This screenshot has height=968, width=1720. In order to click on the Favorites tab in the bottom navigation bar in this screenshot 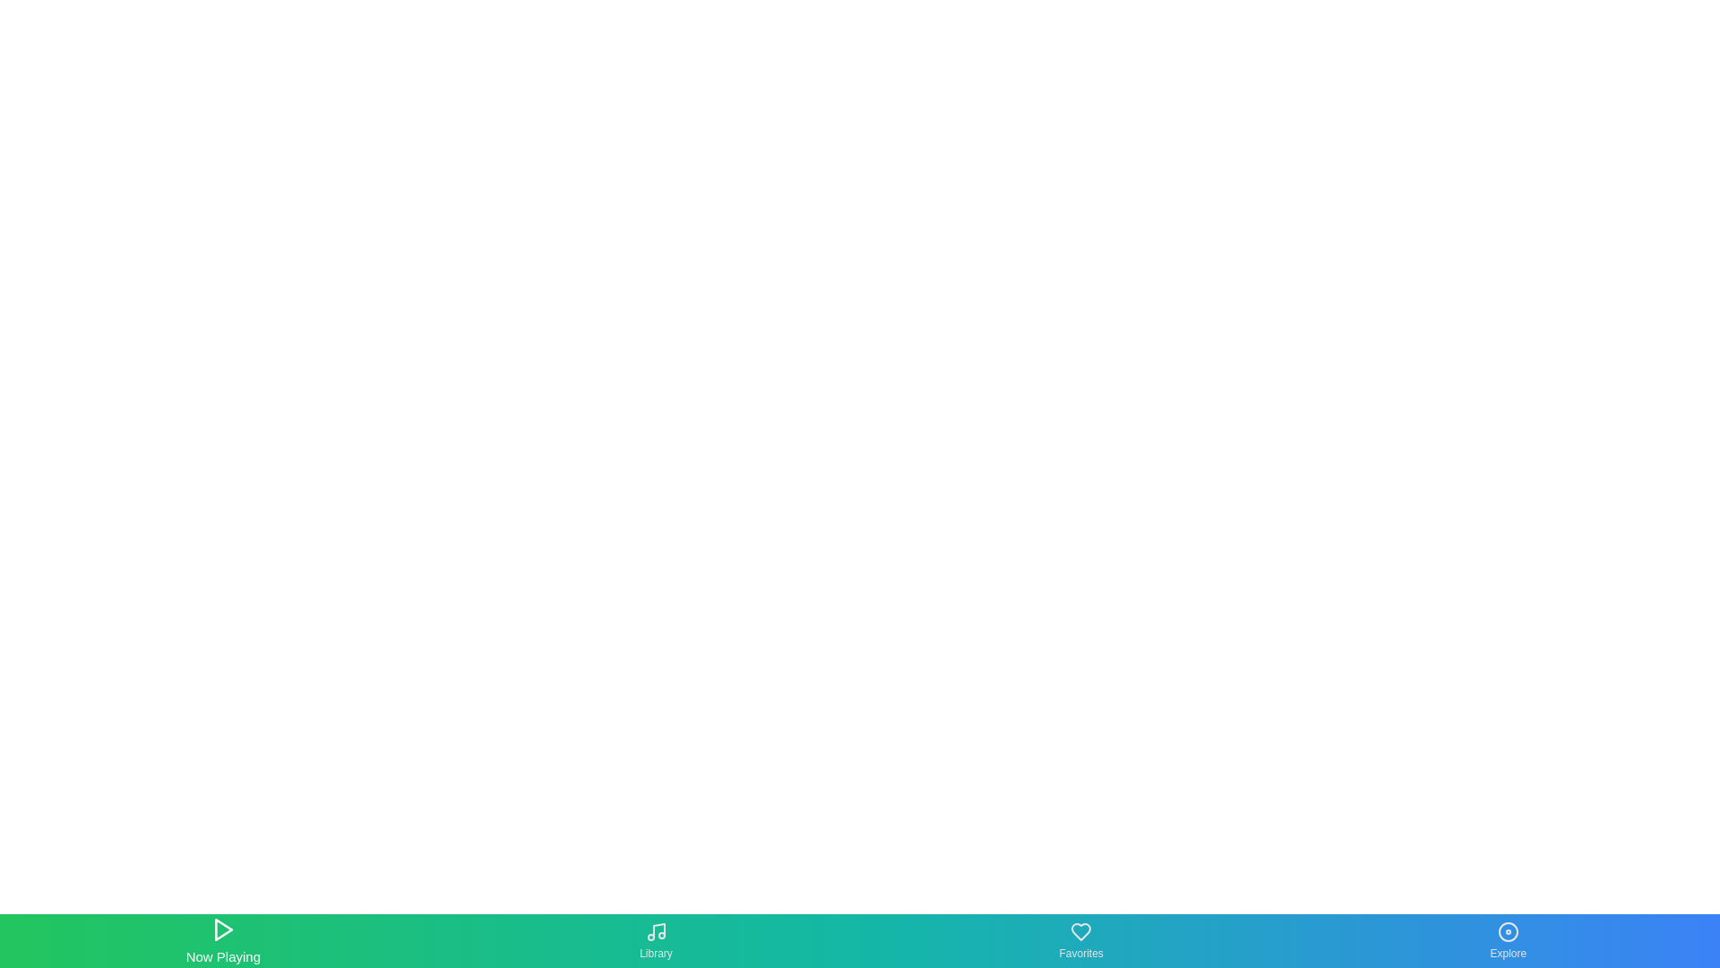, I will do `click(1079, 939)`.